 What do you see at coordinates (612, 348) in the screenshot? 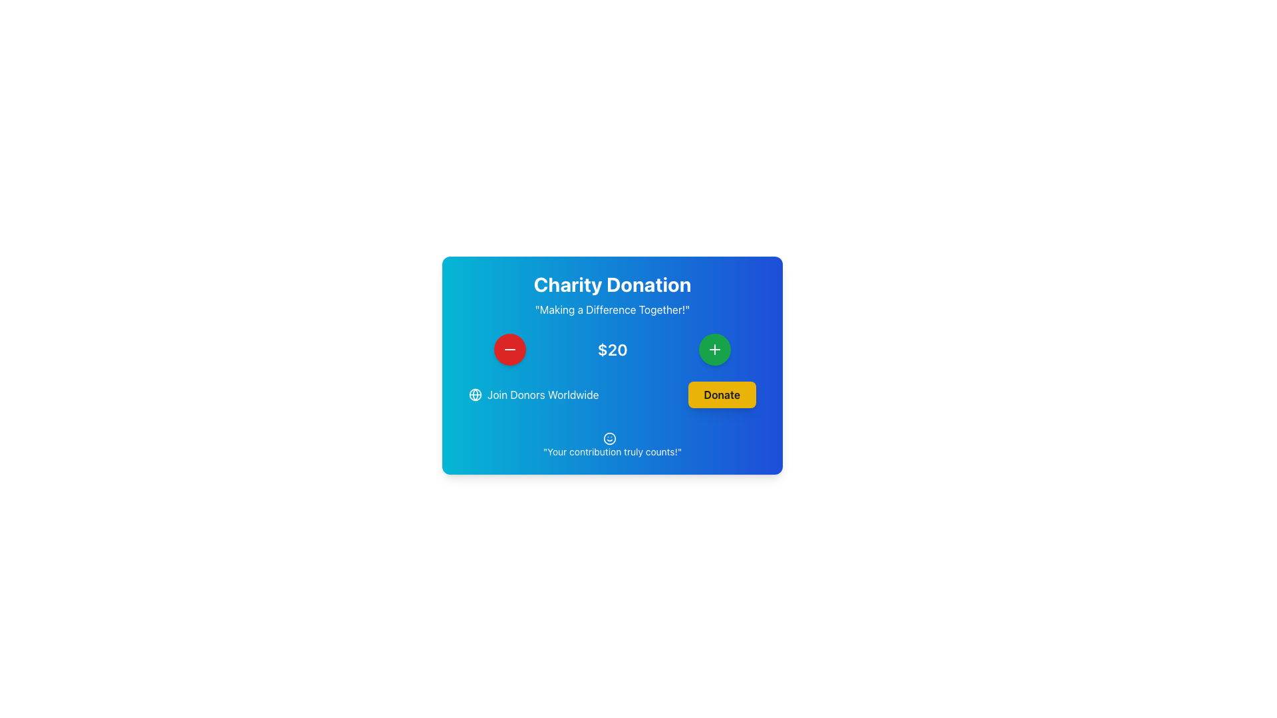
I see `the text label displaying the amount '$20', which is styled in a bold font and positioned between a red minus button and a green plus button` at bounding box center [612, 348].